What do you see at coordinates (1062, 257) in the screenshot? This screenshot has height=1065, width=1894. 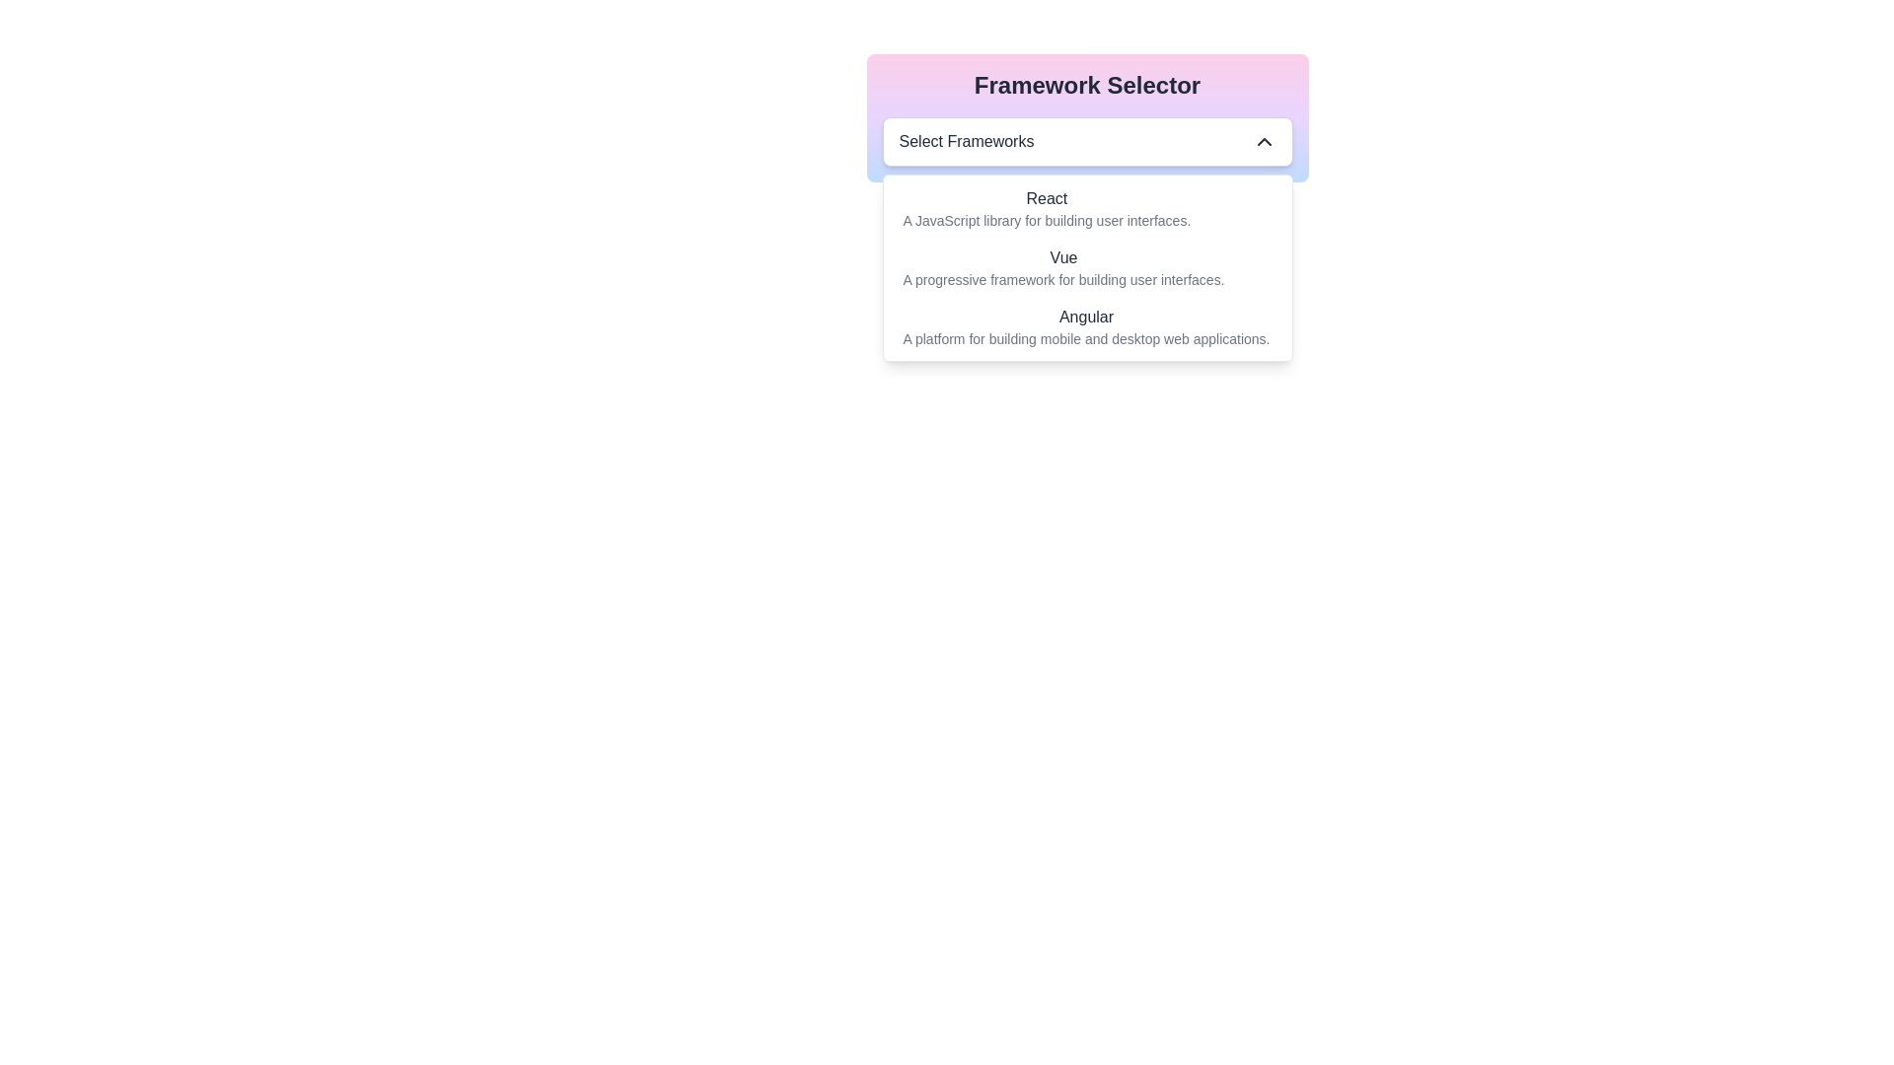 I see `the 'Vue' text element in the dropdown menu under the 'Framework Selector' section` at bounding box center [1062, 257].